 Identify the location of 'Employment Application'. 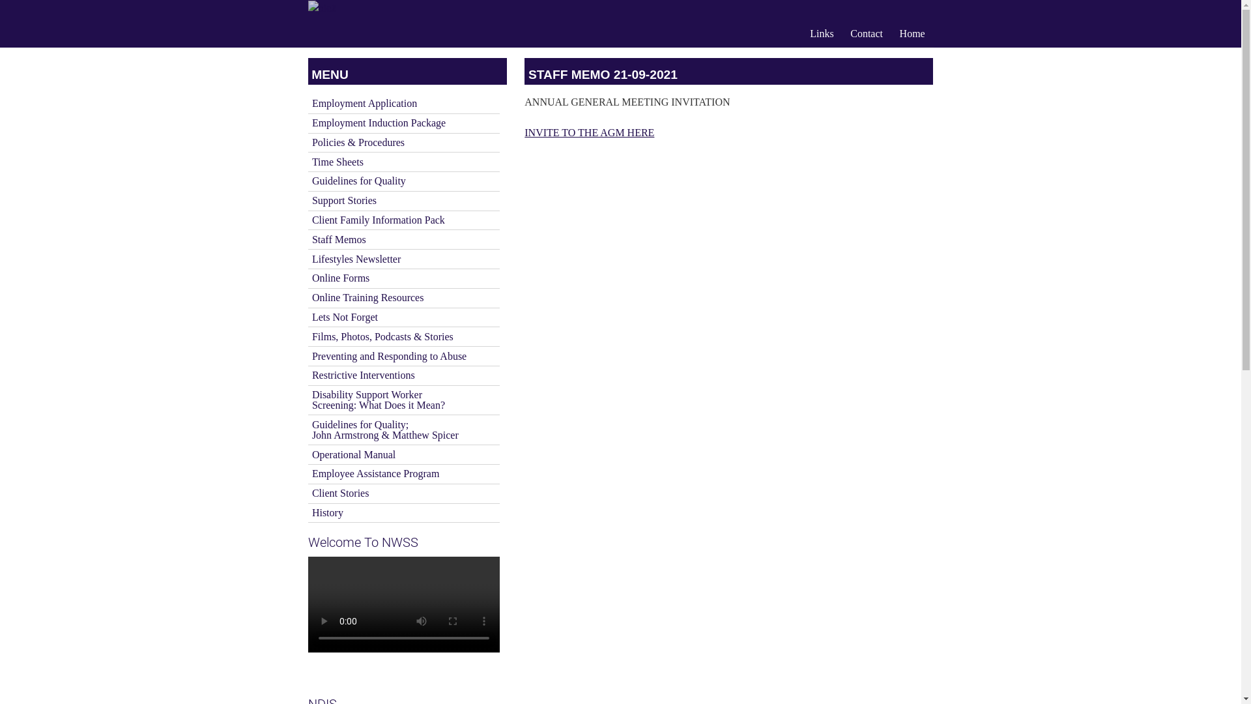
(403, 103).